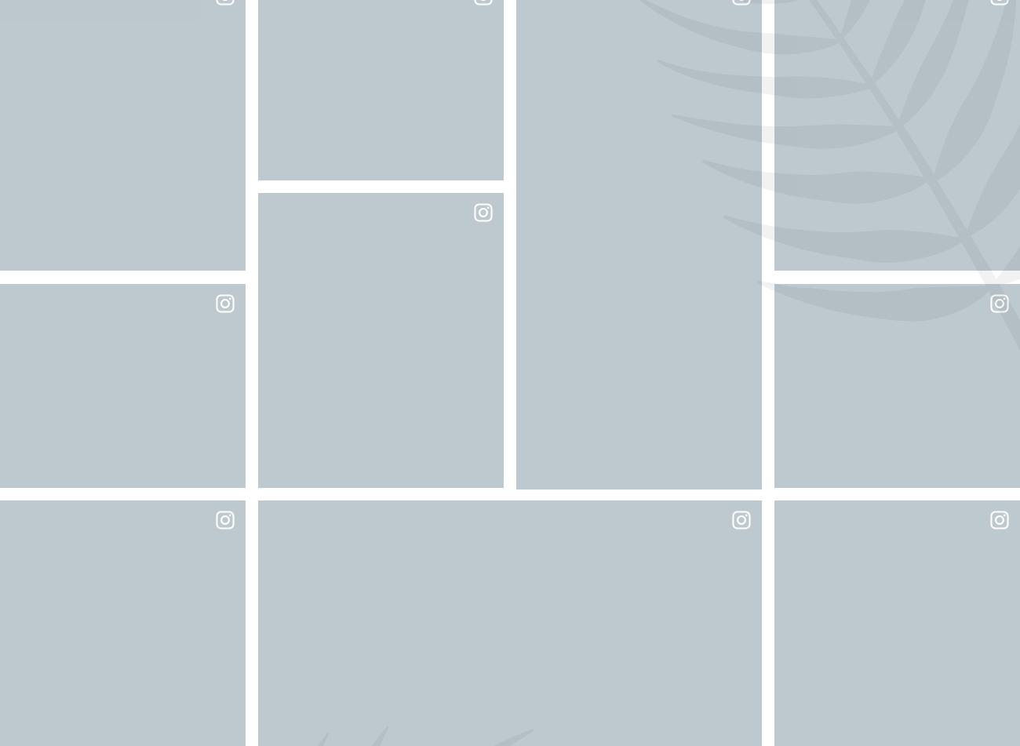 The image size is (1020, 746). What do you see at coordinates (800, 644) in the screenshot?
I see `'Your furry family members deserve a vacation too! With doggie treats on arrival and complimentary baggies, enjoy the ult...'` at bounding box center [800, 644].